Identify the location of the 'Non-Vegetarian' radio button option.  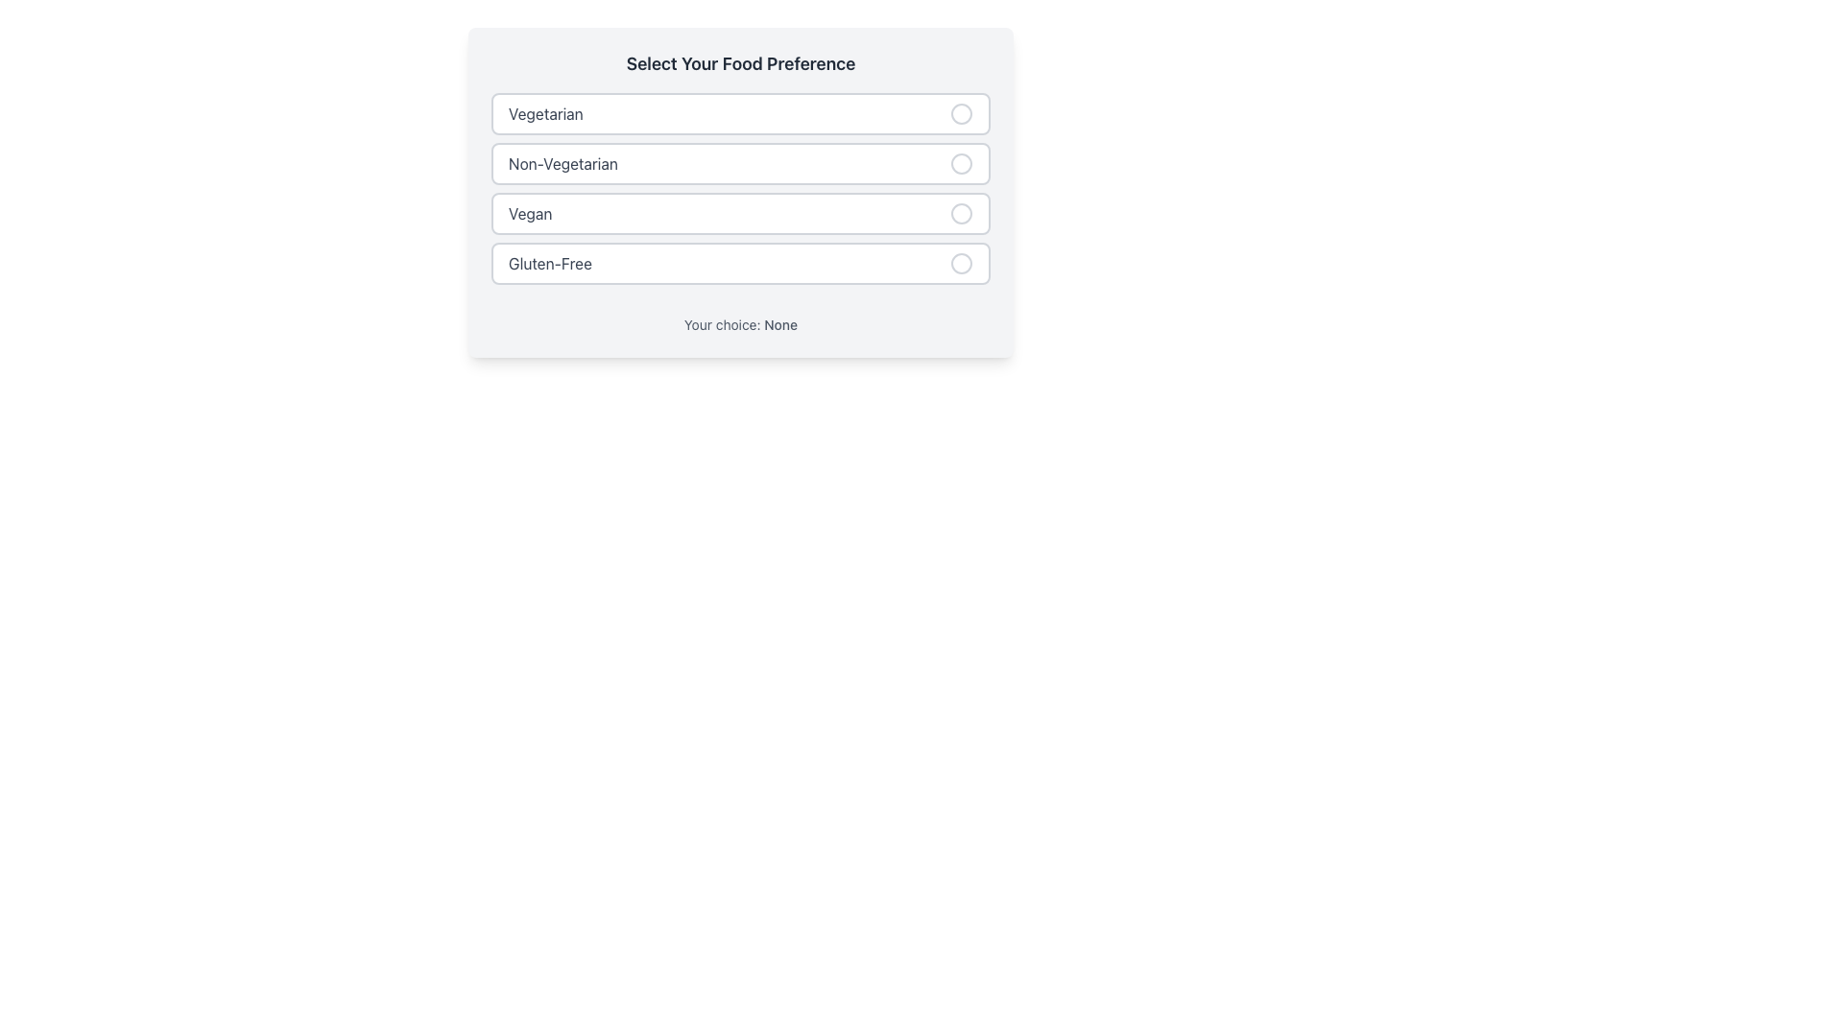
(740, 162).